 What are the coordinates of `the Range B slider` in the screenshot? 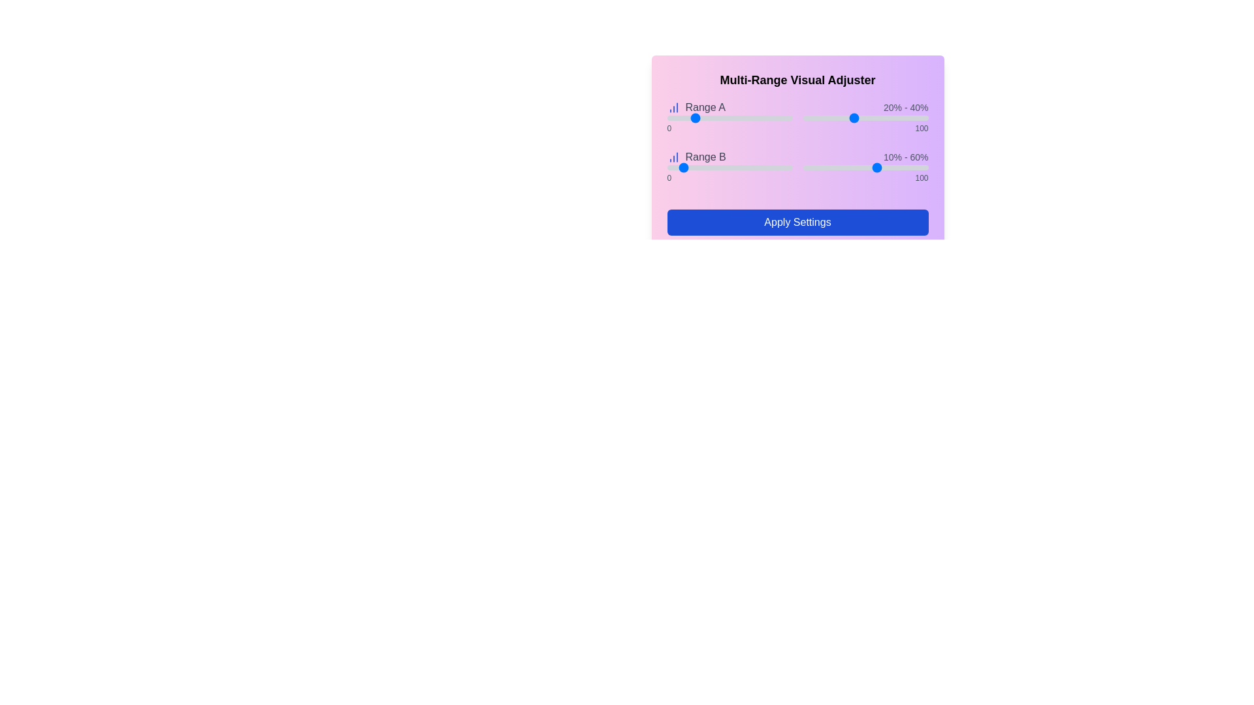 It's located at (906, 167).